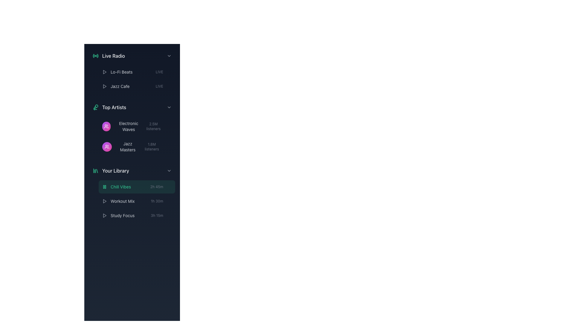 Image resolution: width=574 pixels, height=323 pixels. I want to click on text label for the 'Lo-Fi Beats' option in the 'Live Radio' category located in the left sidebar of the interface, so click(121, 71).